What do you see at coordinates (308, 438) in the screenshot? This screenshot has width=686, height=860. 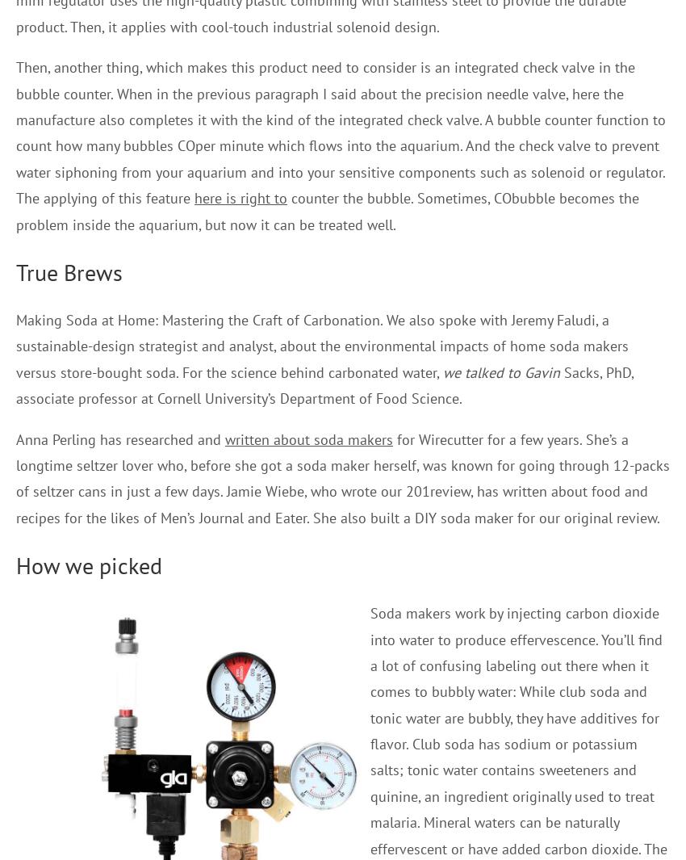 I see `'written about soda makers'` at bounding box center [308, 438].